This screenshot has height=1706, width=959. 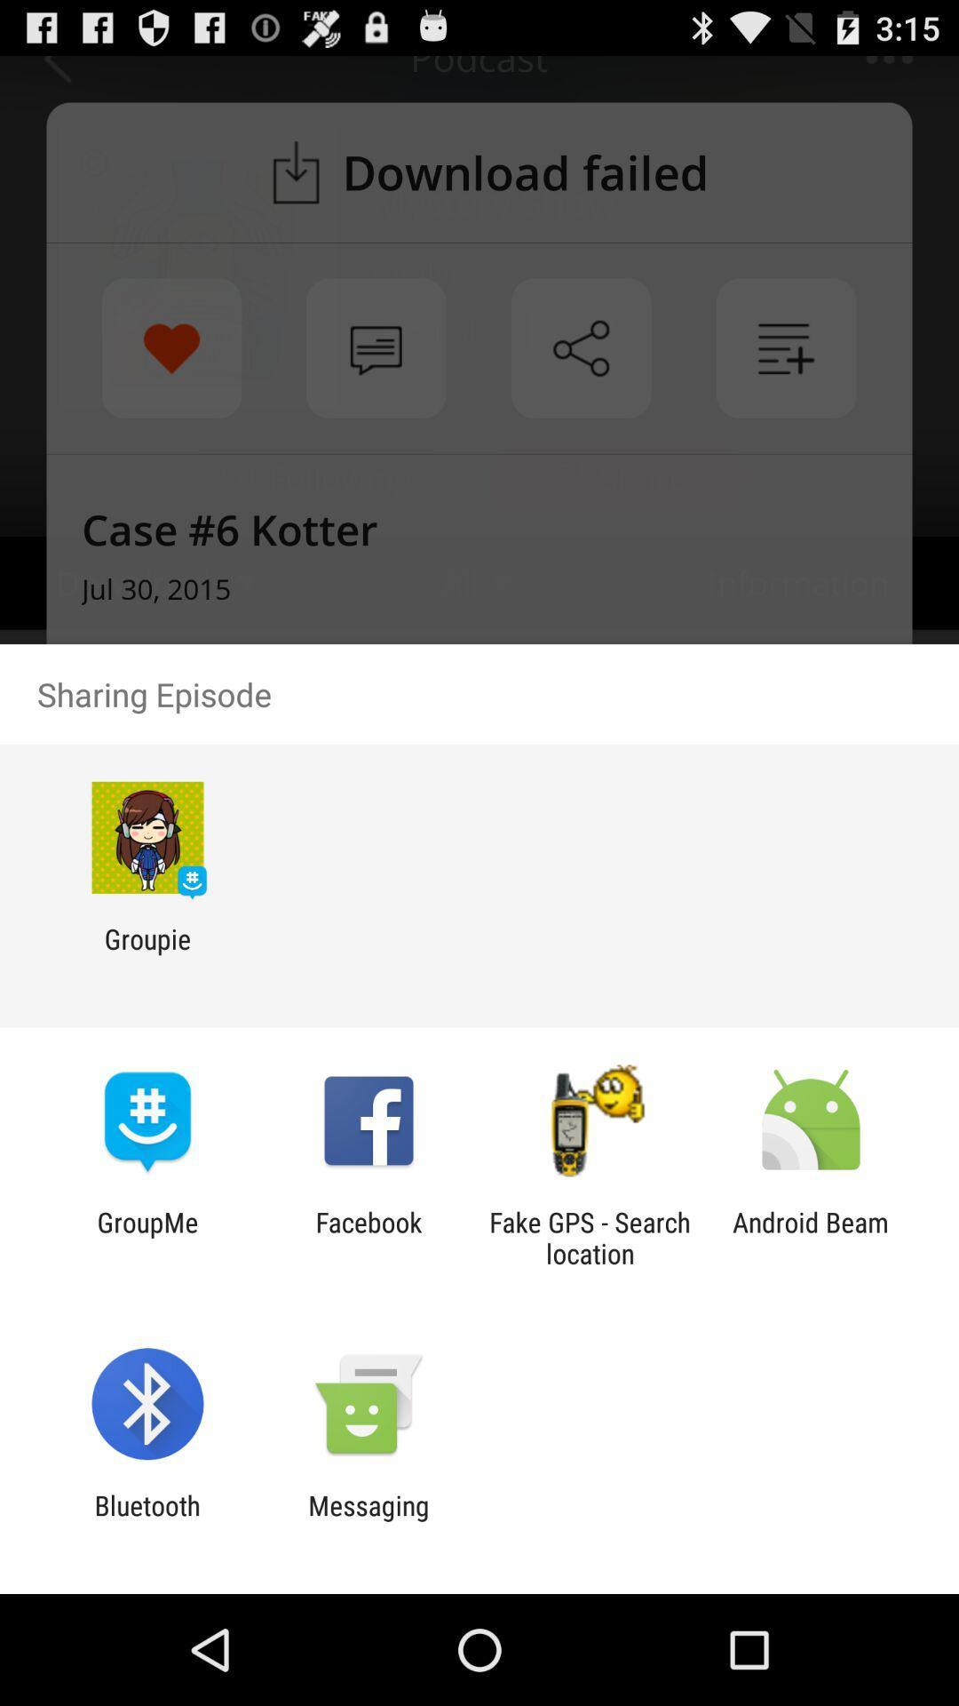 What do you see at coordinates (147, 953) in the screenshot?
I see `the groupie item` at bounding box center [147, 953].